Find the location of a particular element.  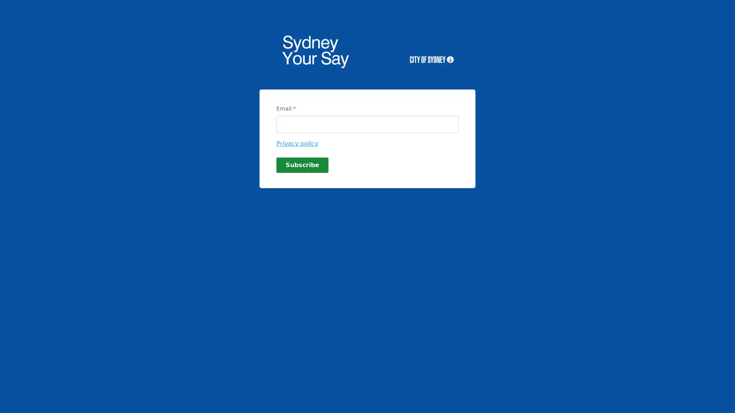

Subscribe is located at coordinates (302, 165).